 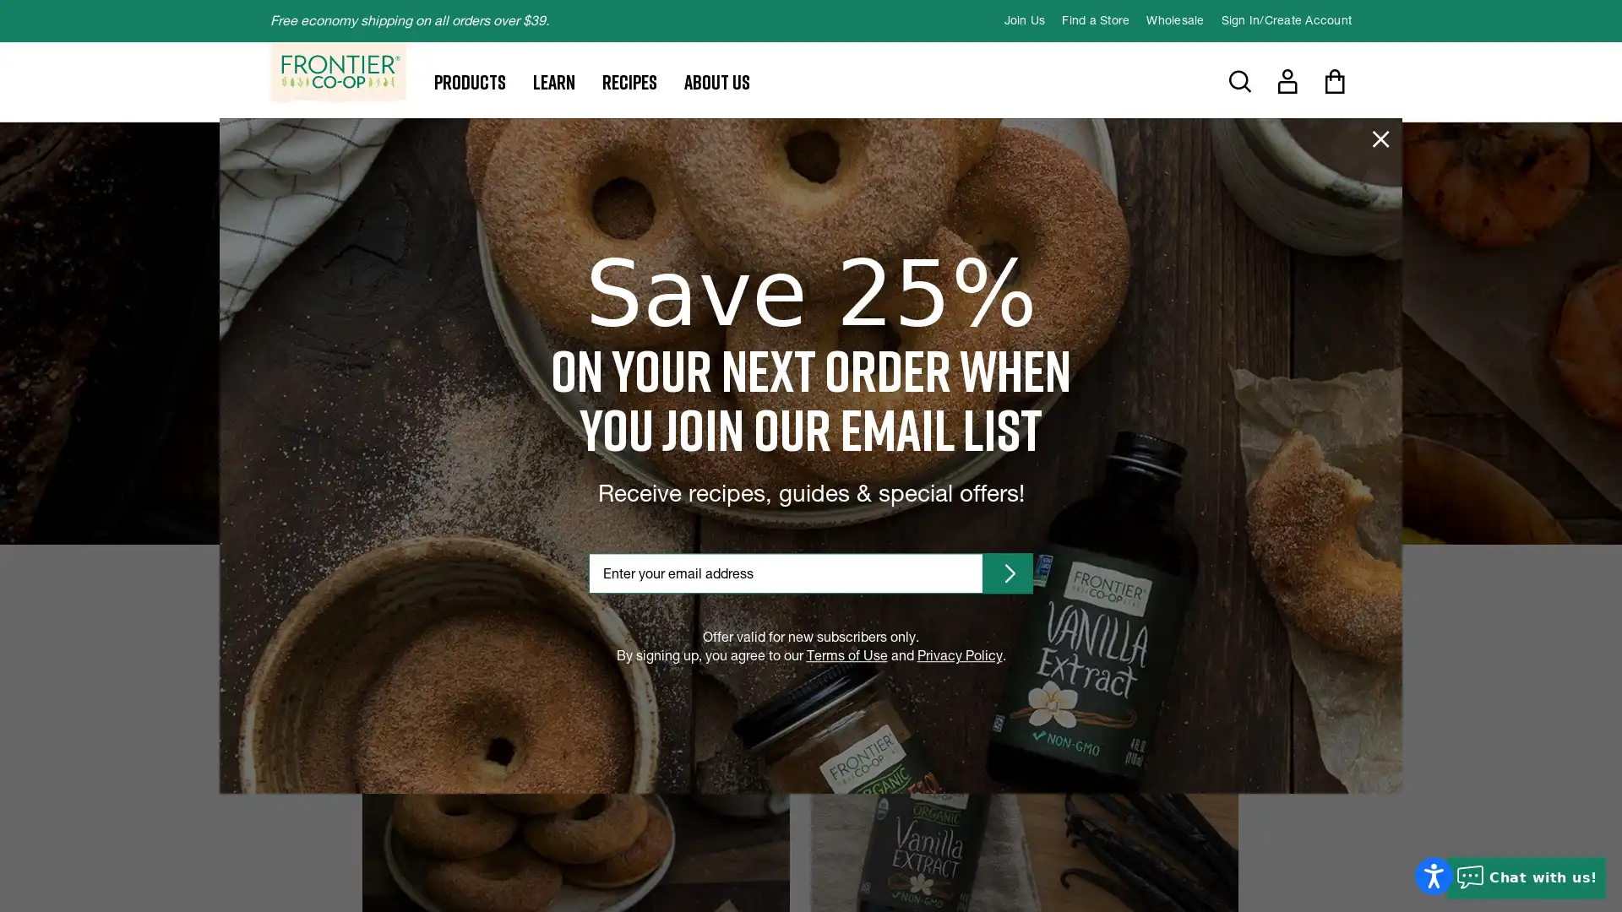 What do you see at coordinates (1525, 877) in the screenshot?
I see `Chat with us!` at bounding box center [1525, 877].